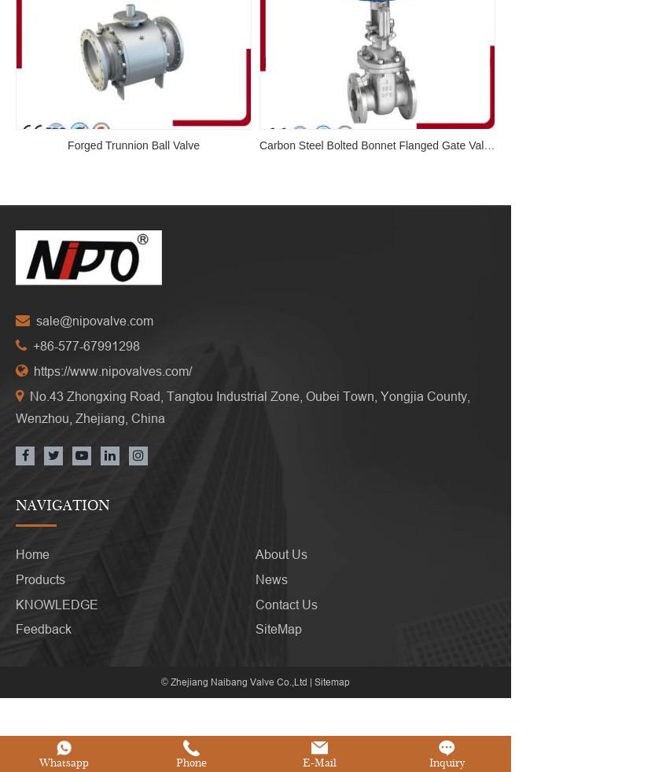 The image size is (655, 772). Describe the element at coordinates (15, 553) in the screenshot. I see `'Home'` at that location.